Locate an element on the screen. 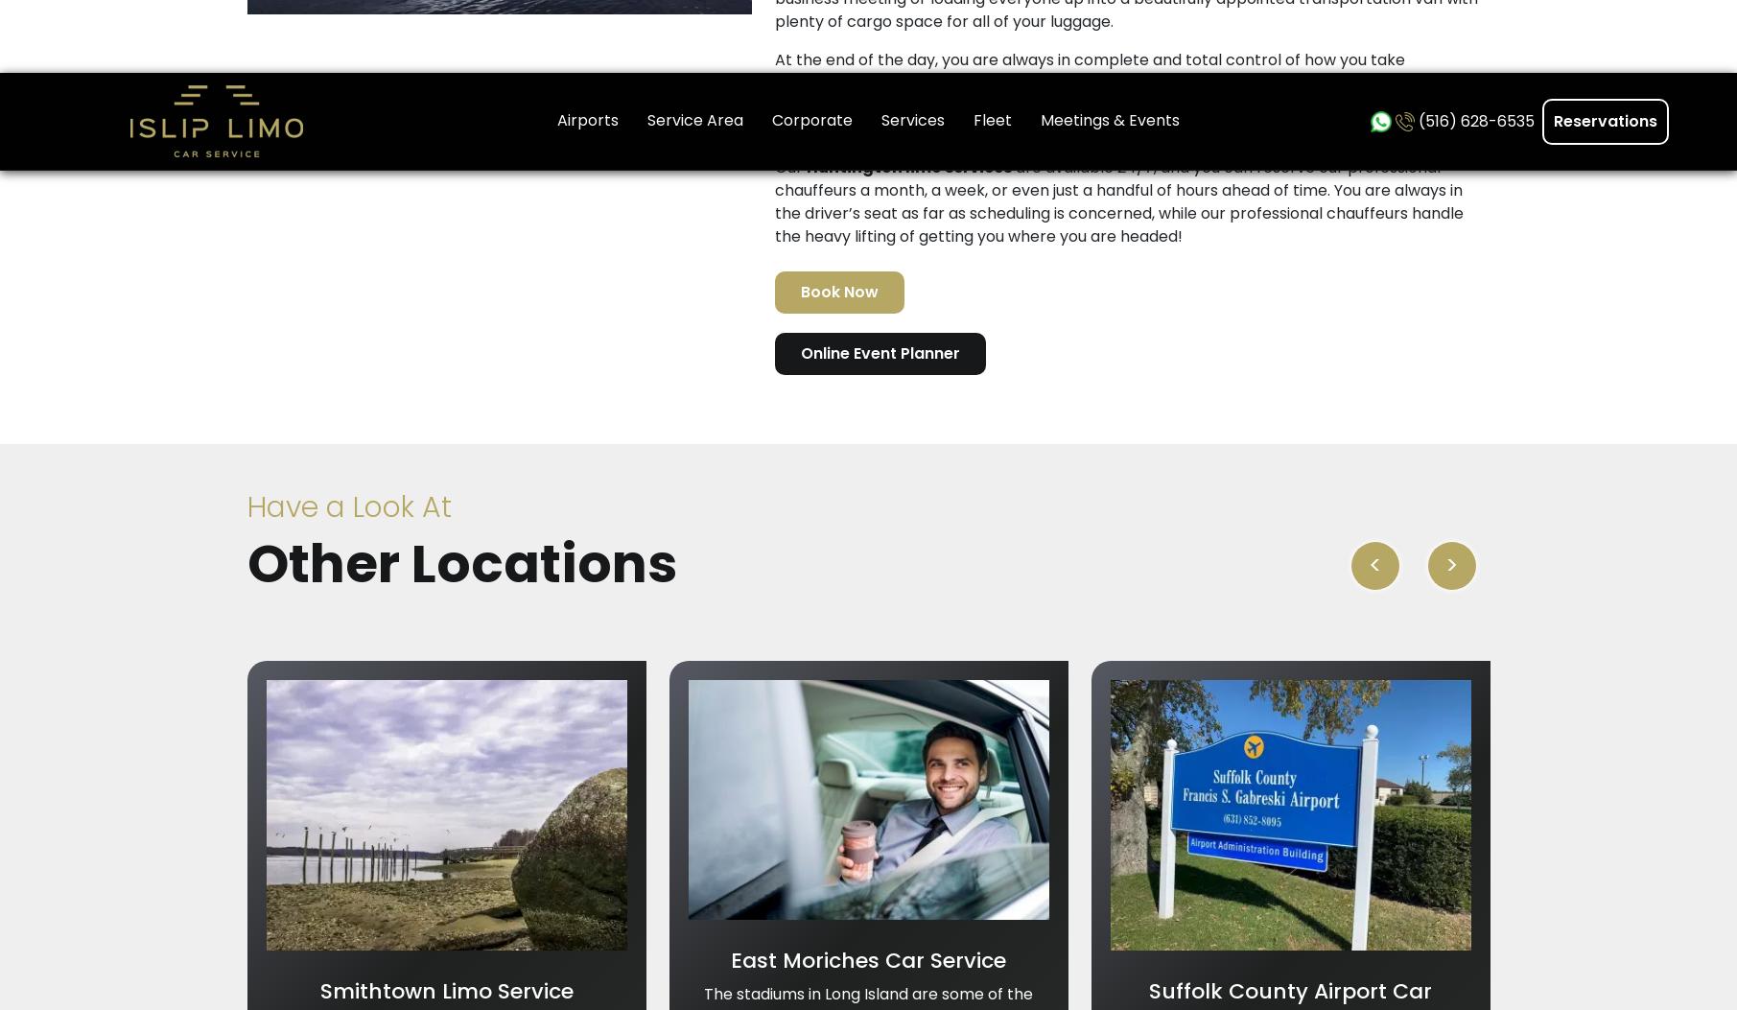 This screenshot has width=1737, height=1010. 'Service Area' is located at coordinates (927, 426).